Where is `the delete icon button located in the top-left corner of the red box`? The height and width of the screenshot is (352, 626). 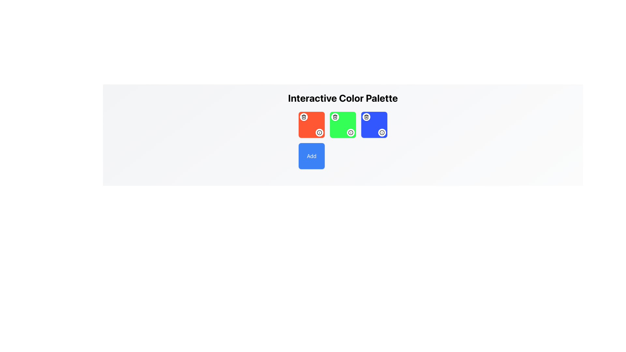
the delete icon button located in the top-left corner of the red box is located at coordinates (303, 116).